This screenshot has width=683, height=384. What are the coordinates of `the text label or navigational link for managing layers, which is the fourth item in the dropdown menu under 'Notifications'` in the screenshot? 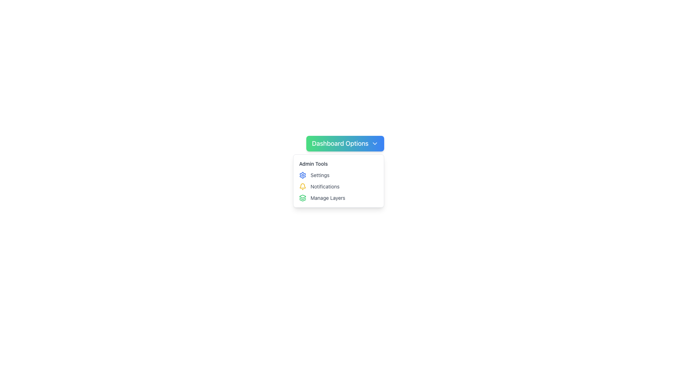 It's located at (327, 198).